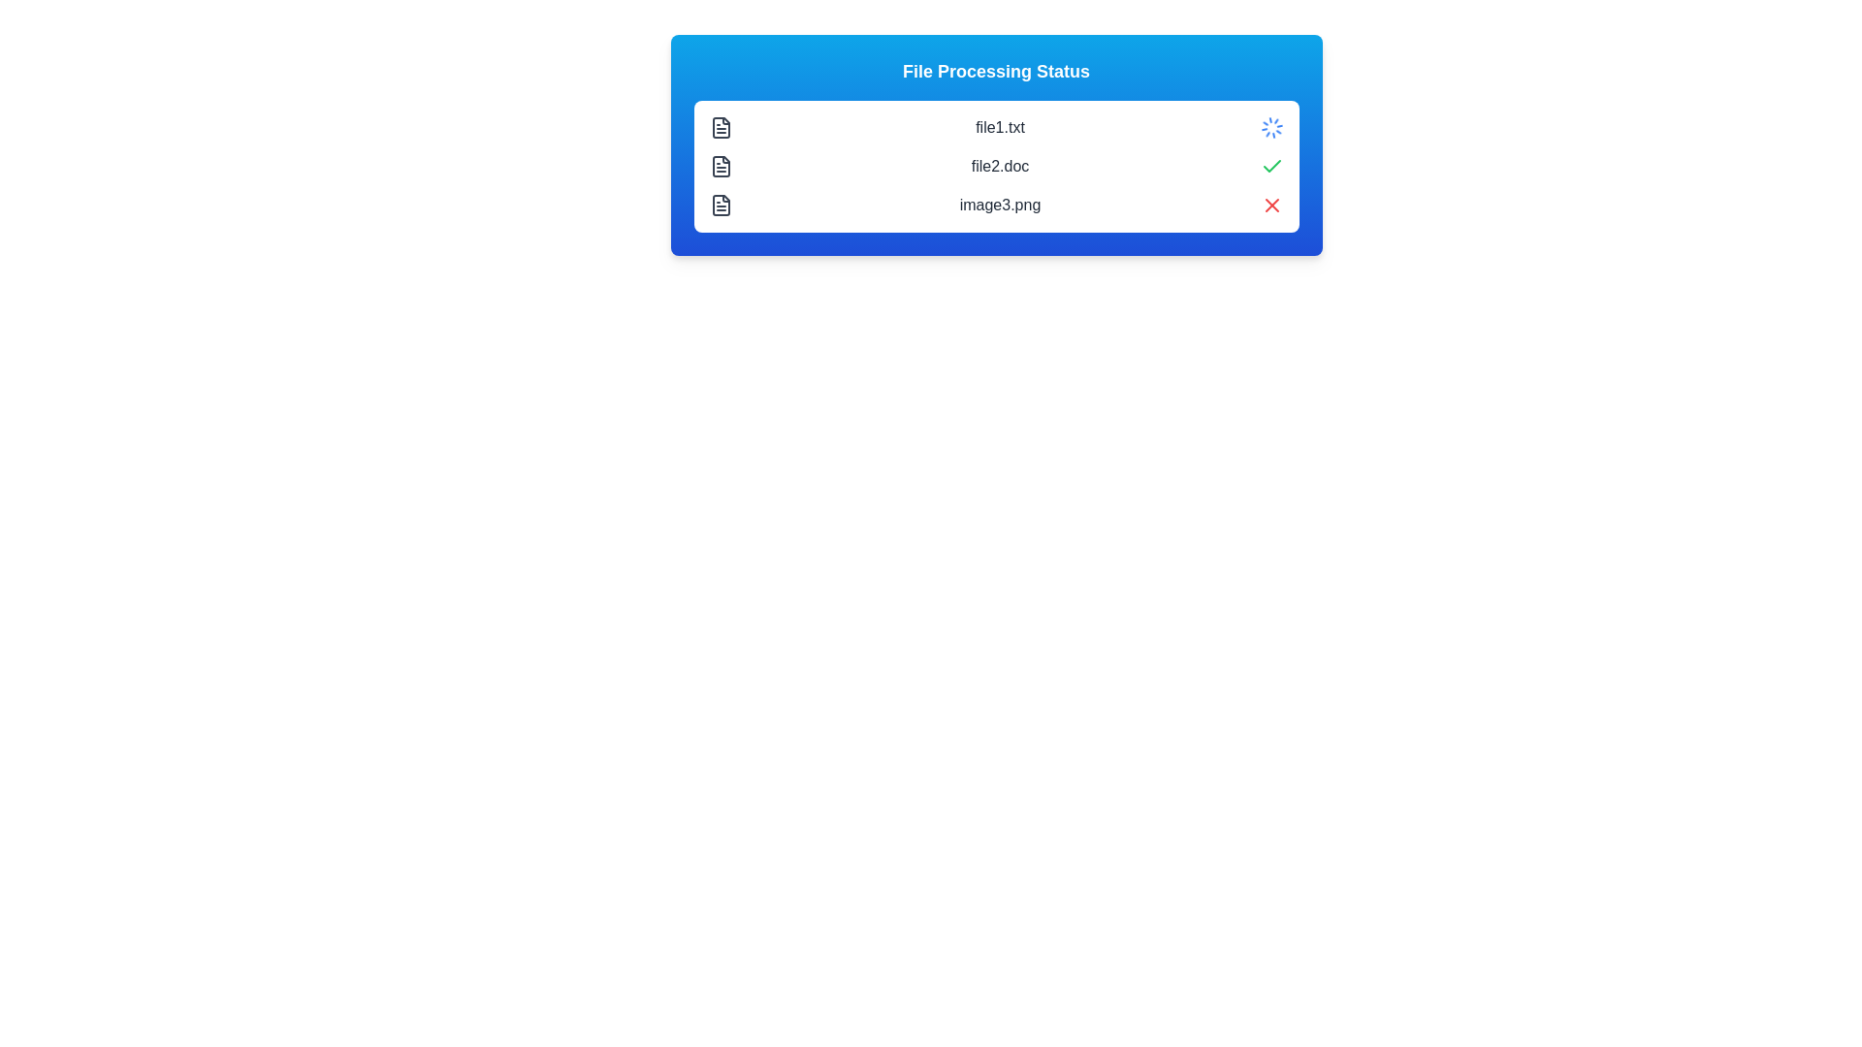  I want to click on the leftmost icon resembling a document with a text overlay, styled in grayscale colors, which is positioned to the left of the text 'image3.png', so click(720, 206).